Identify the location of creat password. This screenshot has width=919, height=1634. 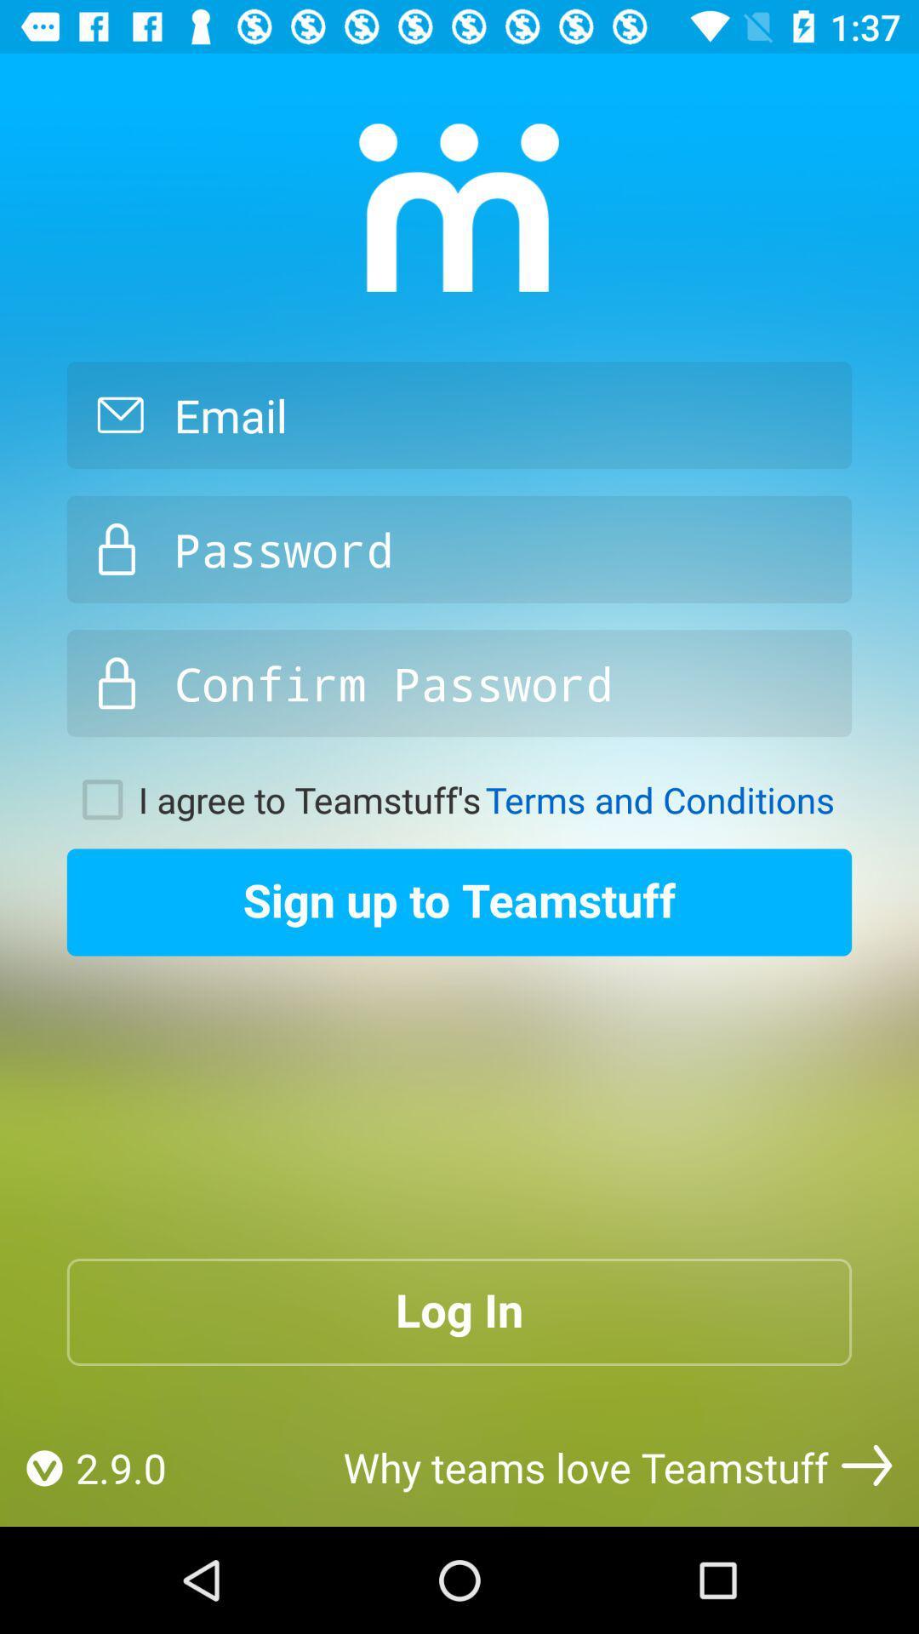
(459, 549).